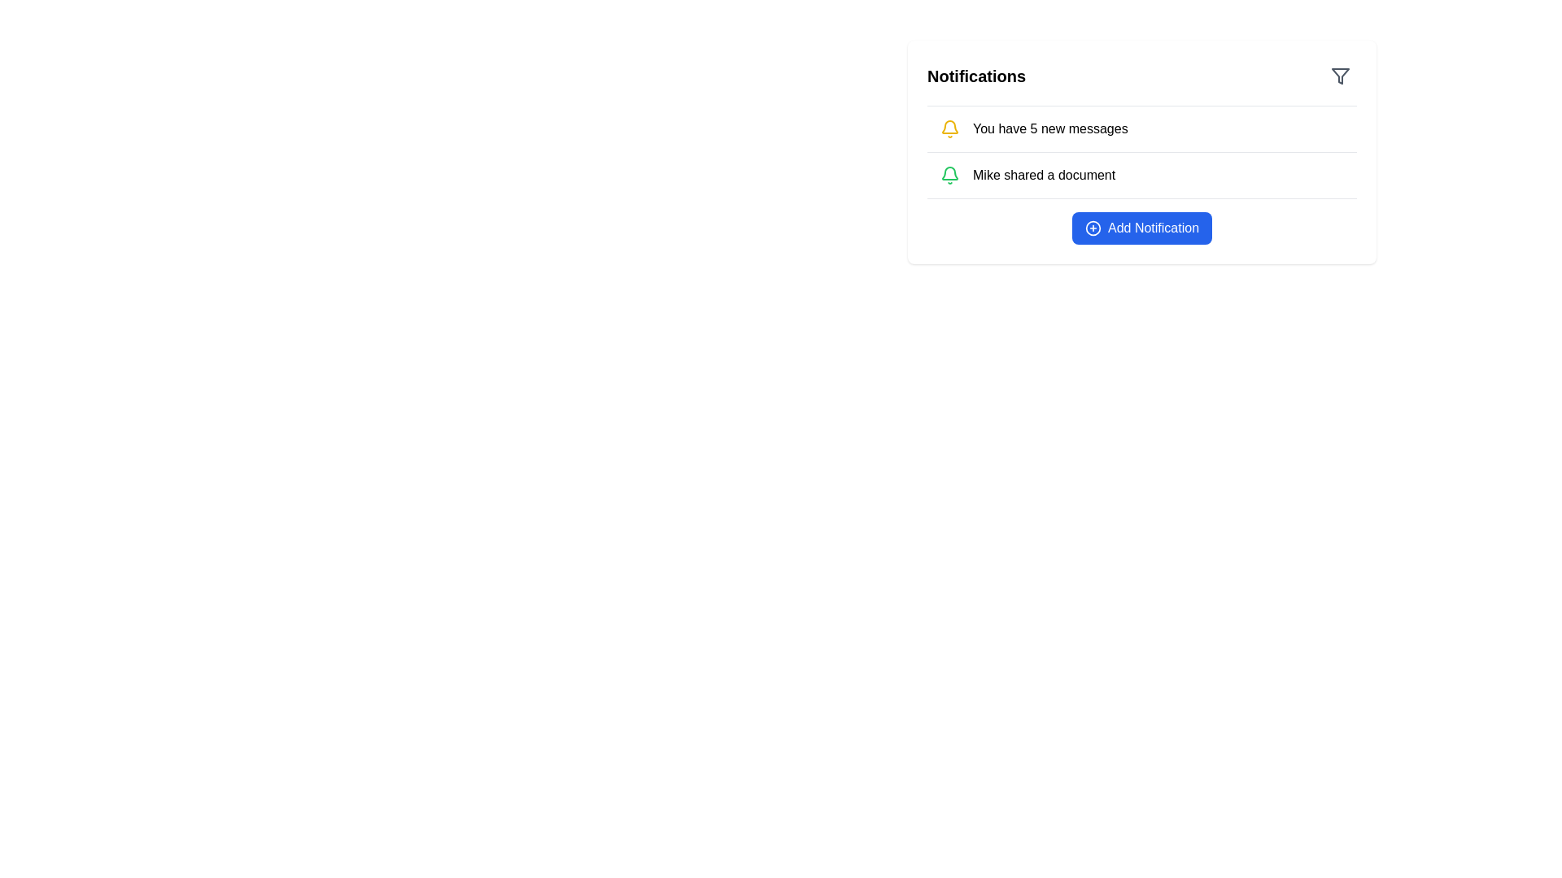 The height and width of the screenshot is (878, 1562). What do you see at coordinates (1141, 228) in the screenshot?
I see `the button with a blue background and white text that reads 'Add Notification', located below the notification entries` at bounding box center [1141, 228].